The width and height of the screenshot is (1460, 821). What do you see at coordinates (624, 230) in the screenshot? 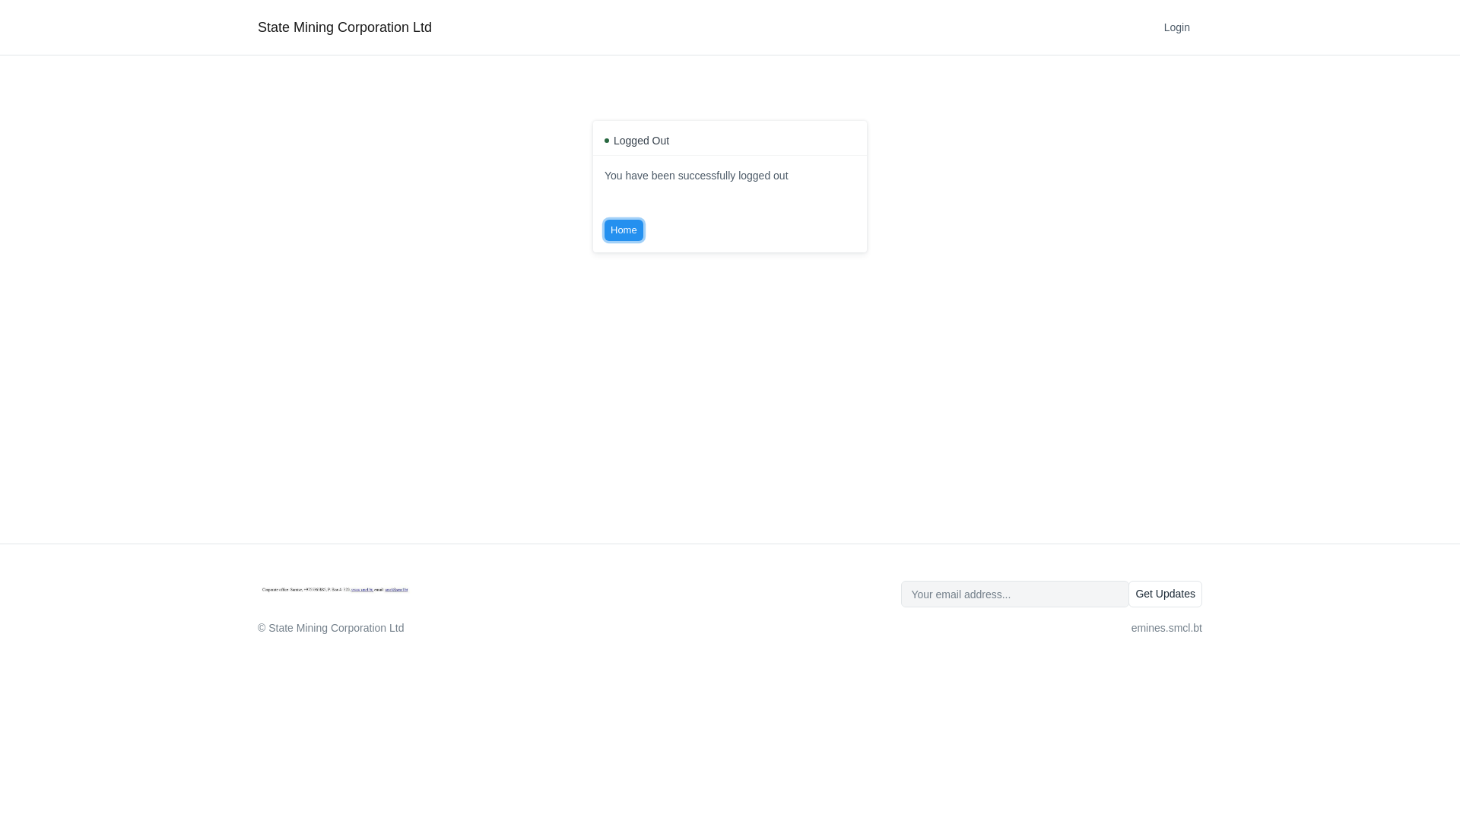
I see `'Home'` at bounding box center [624, 230].